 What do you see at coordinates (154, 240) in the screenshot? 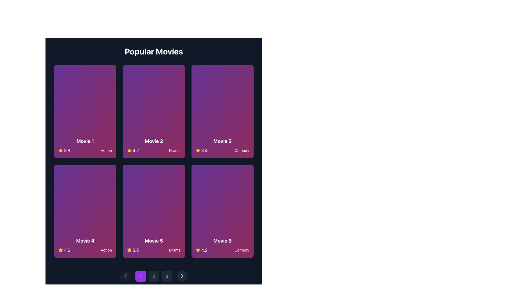
I see `the text label displaying 'Movie 5'` at bounding box center [154, 240].